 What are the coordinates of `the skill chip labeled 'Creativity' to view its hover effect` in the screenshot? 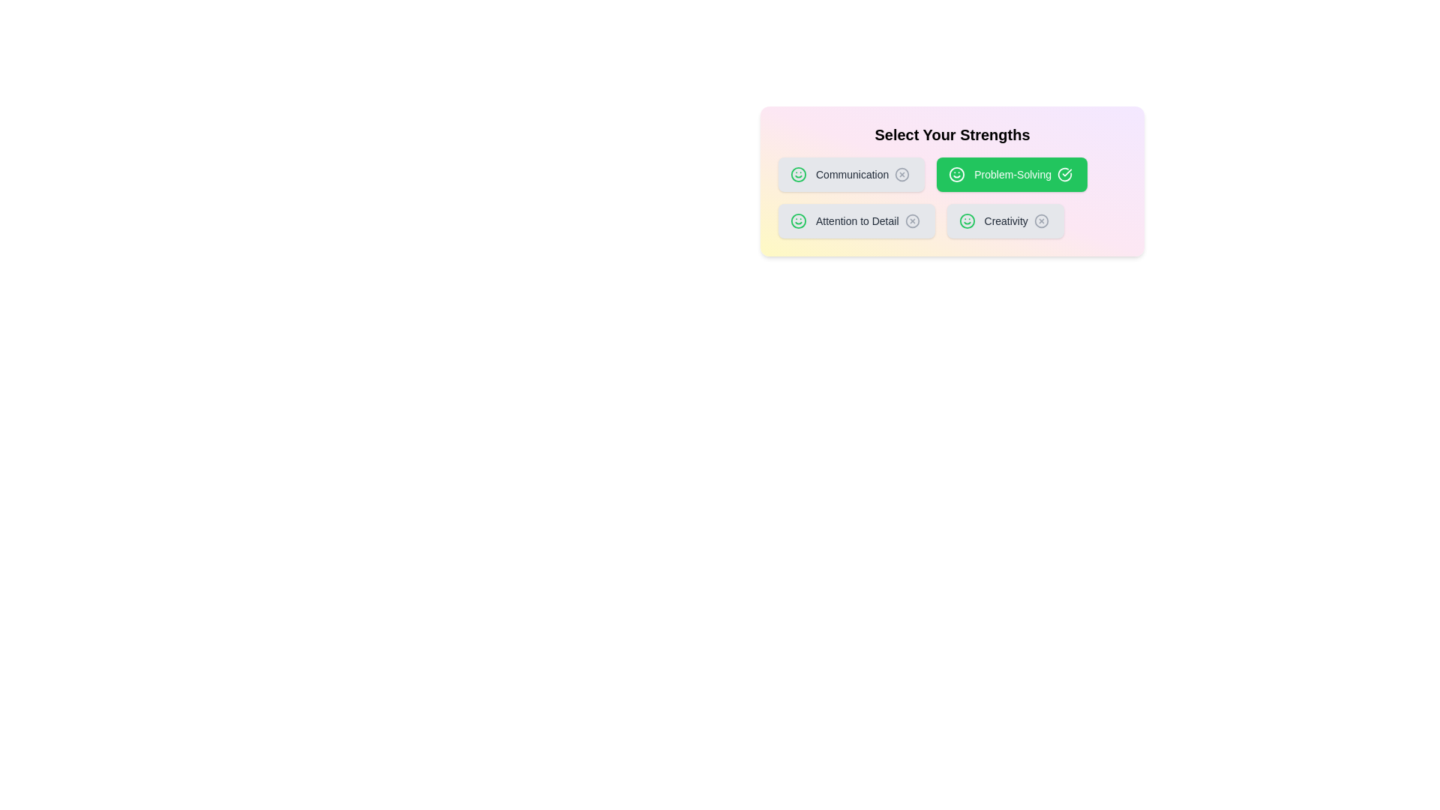 It's located at (1005, 220).